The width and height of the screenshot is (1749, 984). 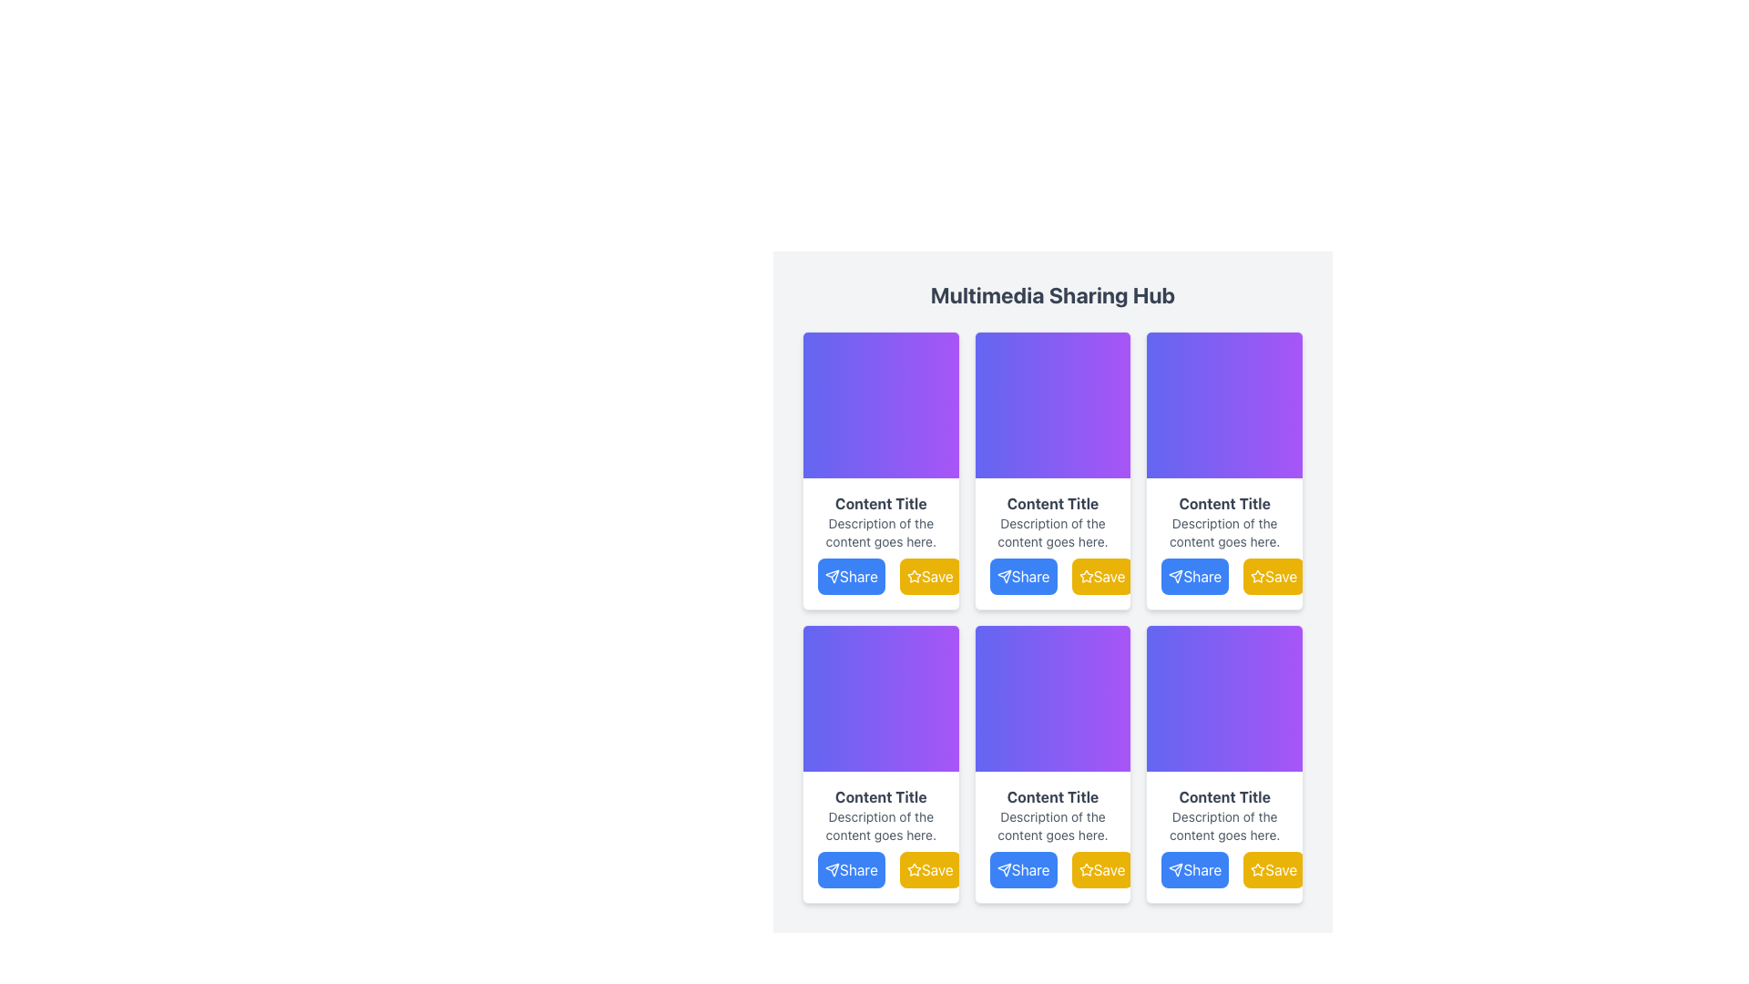 What do you see at coordinates (1100, 869) in the screenshot?
I see `the 'Save' button with a rounded yellow background and a white star icon located at the bottom-right of the middle card in the second row of a 3x2 grid layout` at bounding box center [1100, 869].